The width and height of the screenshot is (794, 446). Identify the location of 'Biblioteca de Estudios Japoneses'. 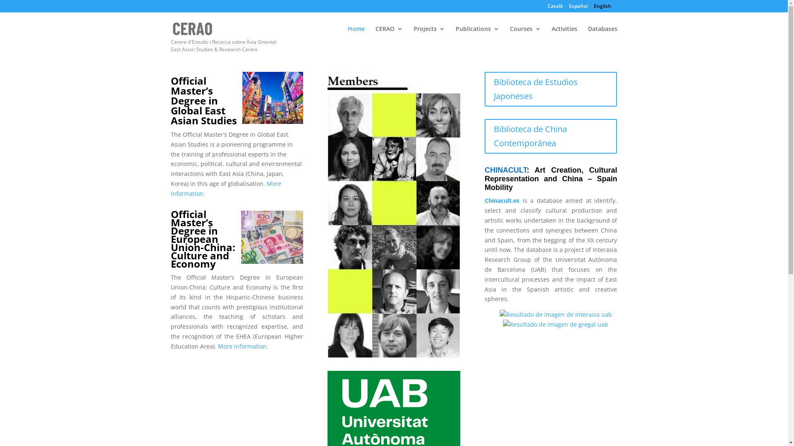
(551, 89).